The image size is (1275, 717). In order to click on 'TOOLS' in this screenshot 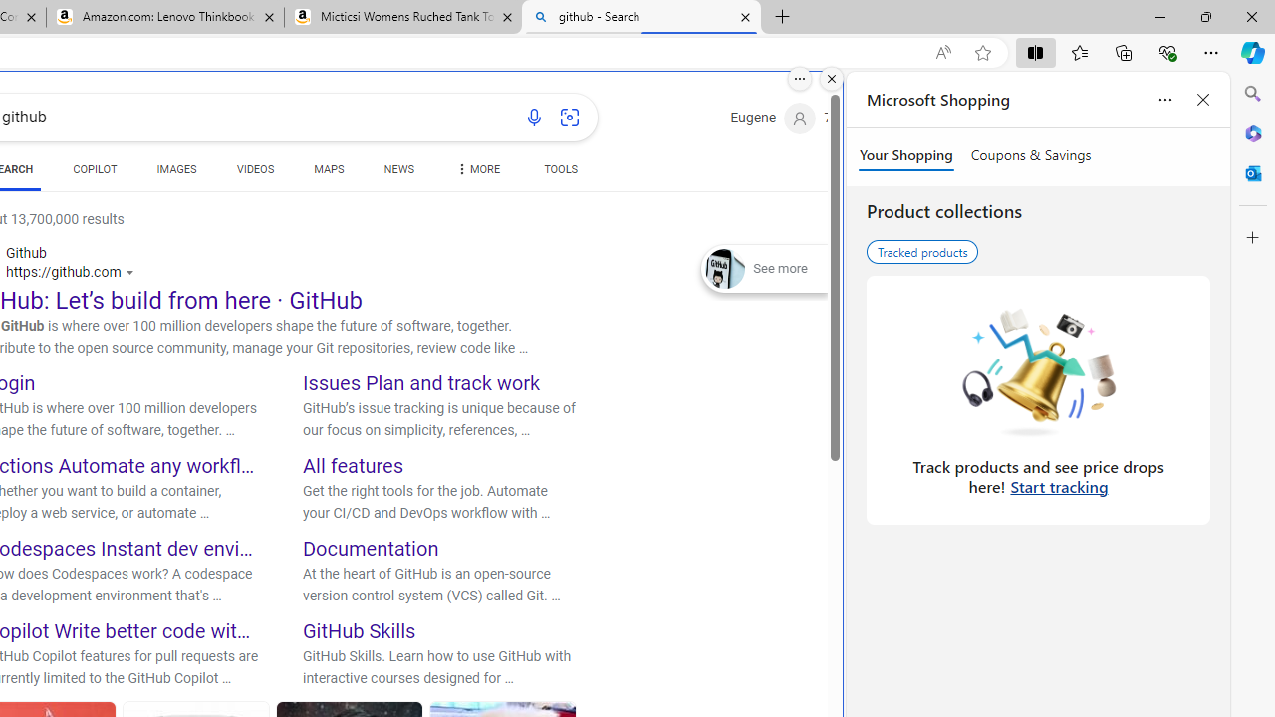, I will do `click(560, 169)`.